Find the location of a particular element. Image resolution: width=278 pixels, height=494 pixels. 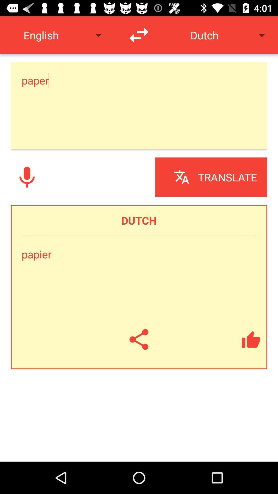

copy hyperlink is located at coordinates (139, 339).